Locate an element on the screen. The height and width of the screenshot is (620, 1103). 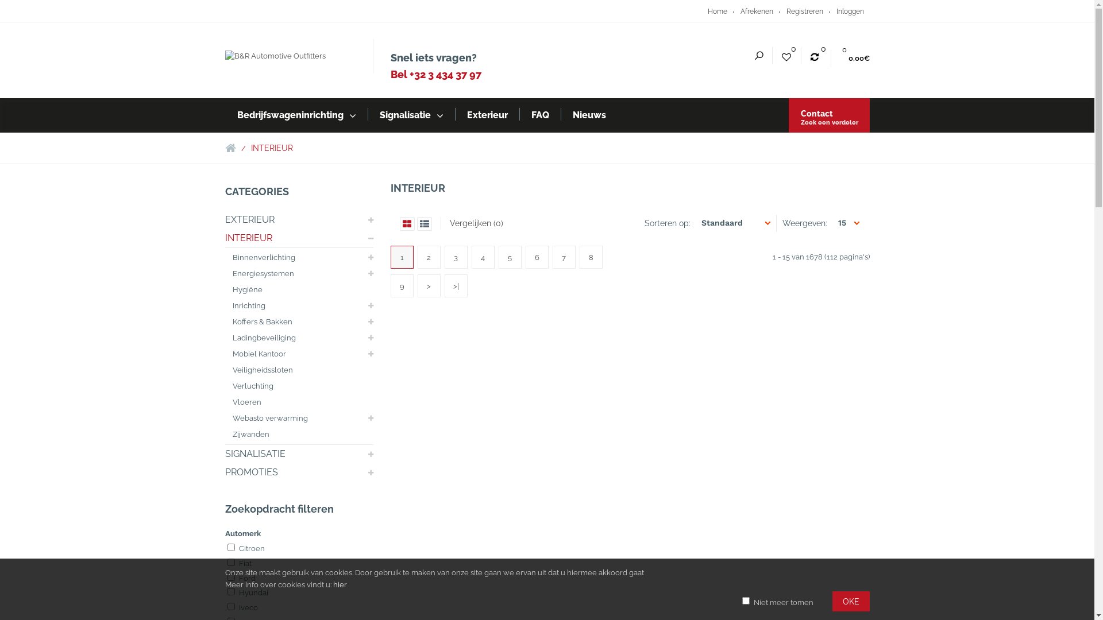
'Verluchting' is located at coordinates (231, 386).